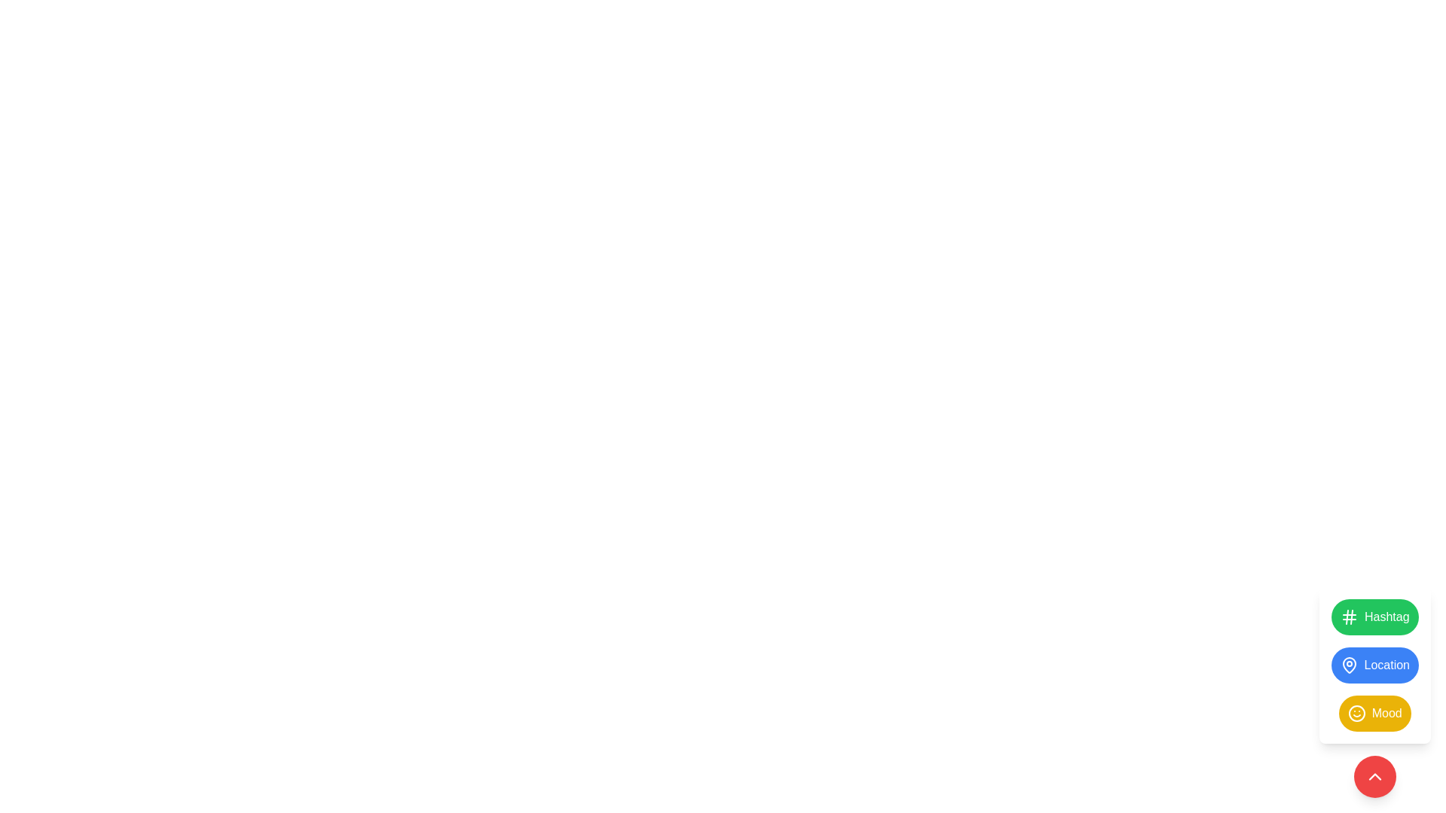  Describe the element at coordinates (1386, 617) in the screenshot. I see `the 'Hashtag' label, which is a white text label inside a green rounded rectangle located at the top of a vertical stack of buttons` at that location.